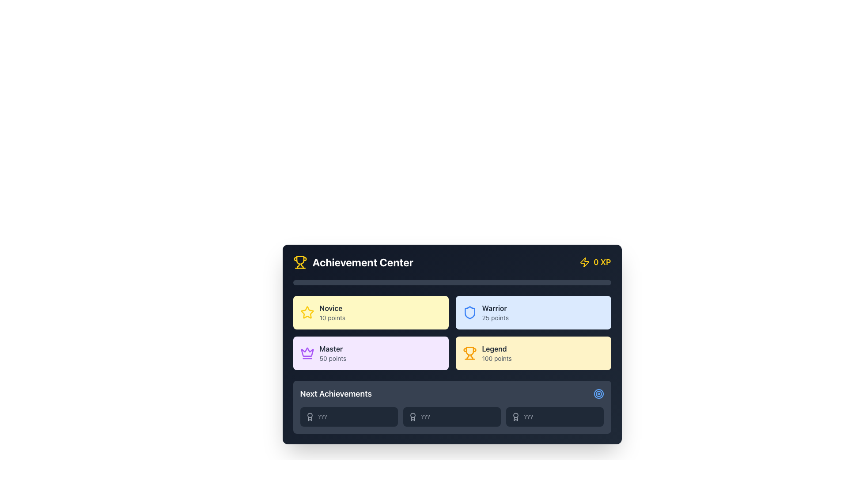 This screenshot has height=477, width=848. What do you see at coordinates (335, 393) in the screenshot?
I see `the 'Next Achievements' text label, which is bold and white on a dark background, located in the lower section of the interface` at bounding box center [335, 393].